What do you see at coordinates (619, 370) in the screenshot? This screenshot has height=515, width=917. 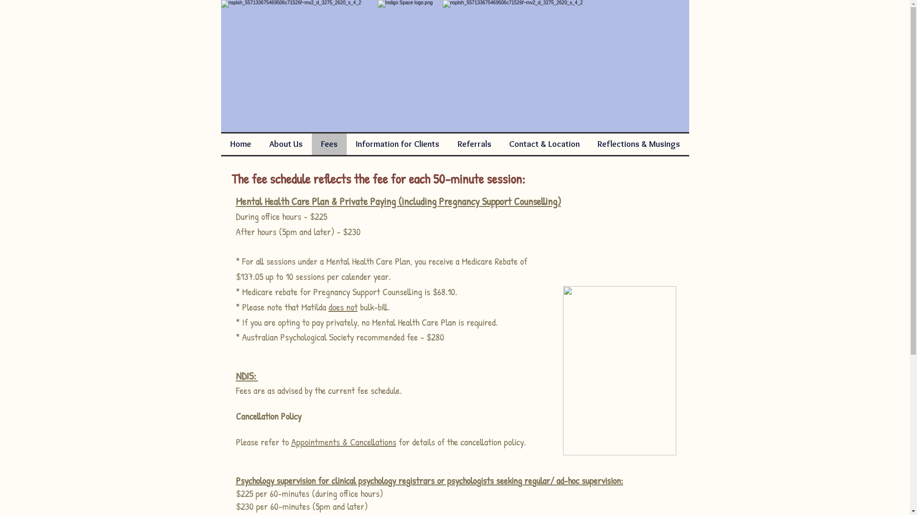 I see `'pebbles 2'` at bounding box center [619, 370].